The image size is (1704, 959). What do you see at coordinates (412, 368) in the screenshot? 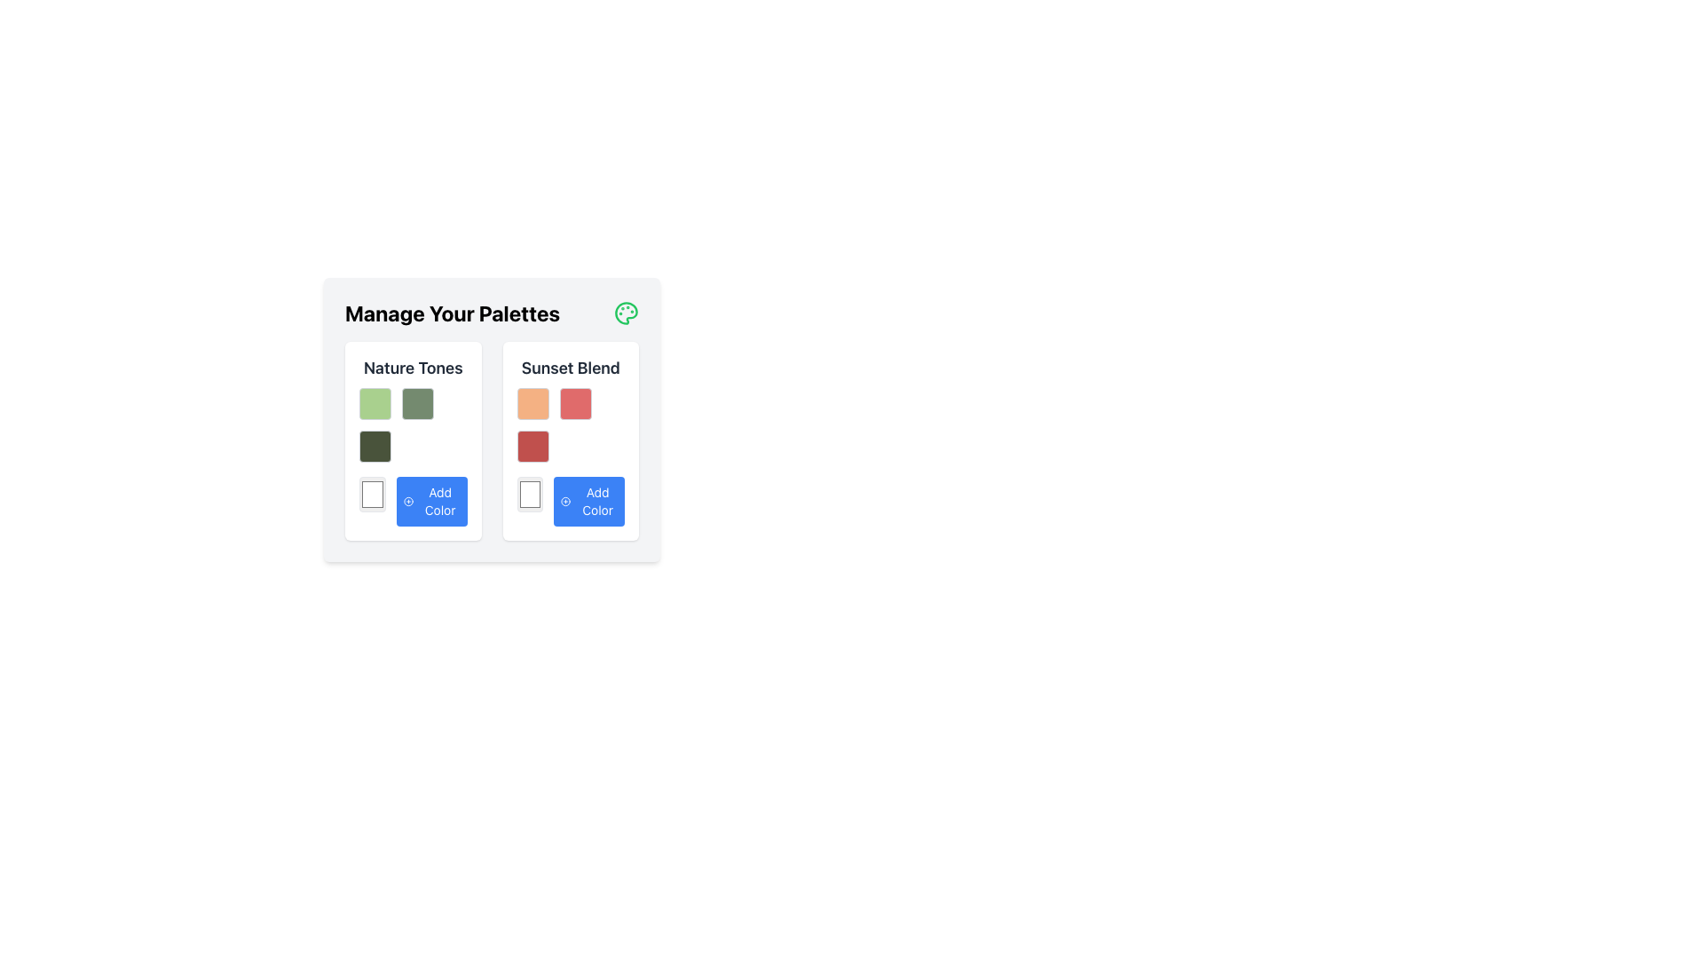
I see `the palette named` at bounding box center [412, 368].